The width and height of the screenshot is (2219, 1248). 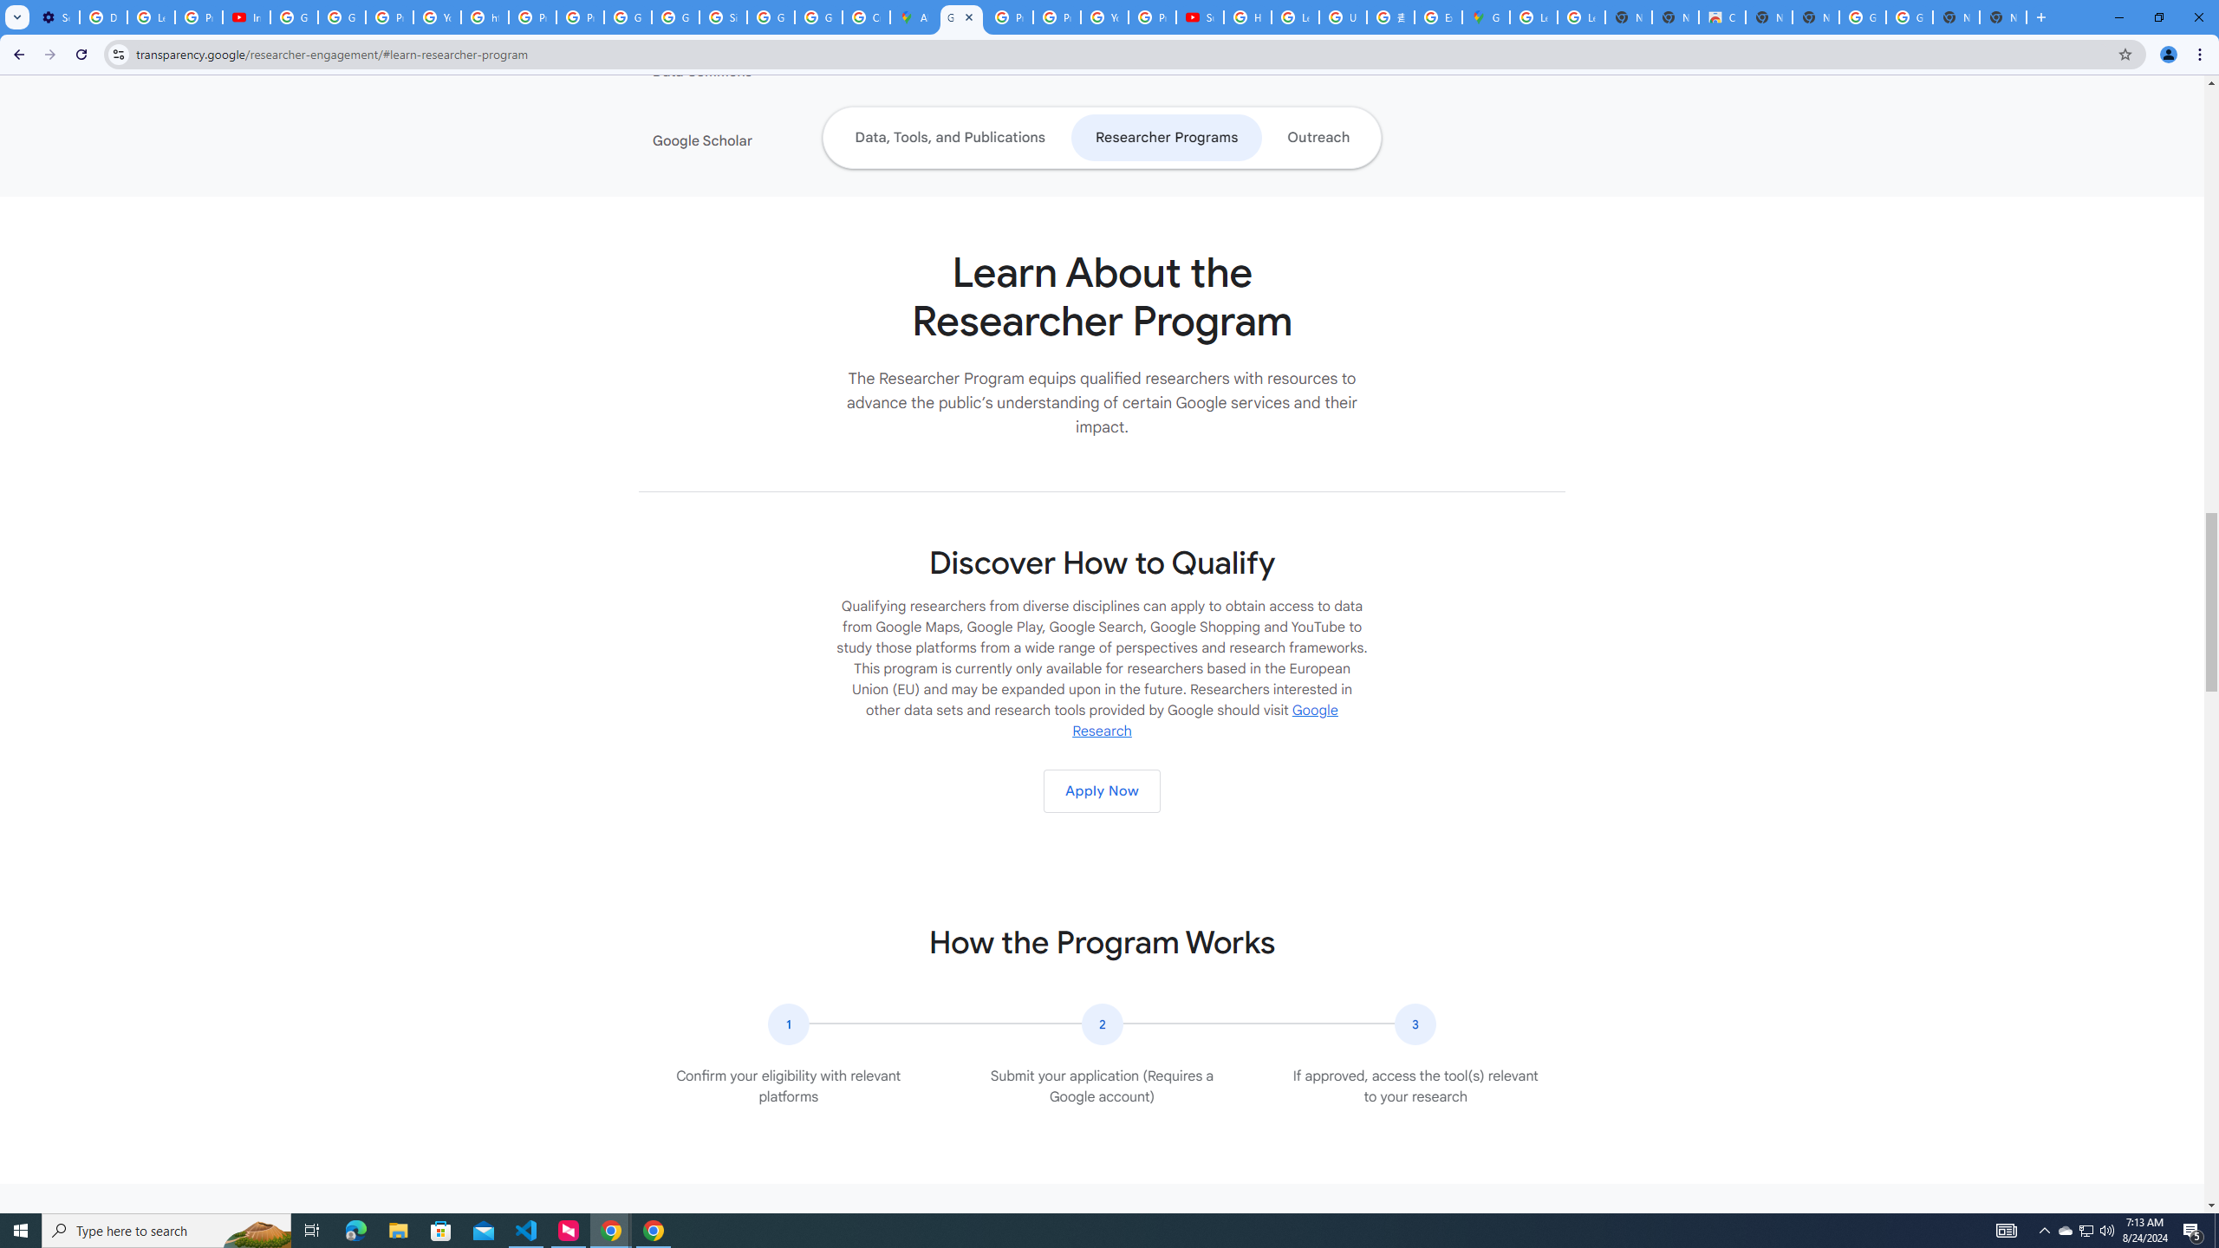 I want to click on 'Outreach', so click(x=1318, y=137).